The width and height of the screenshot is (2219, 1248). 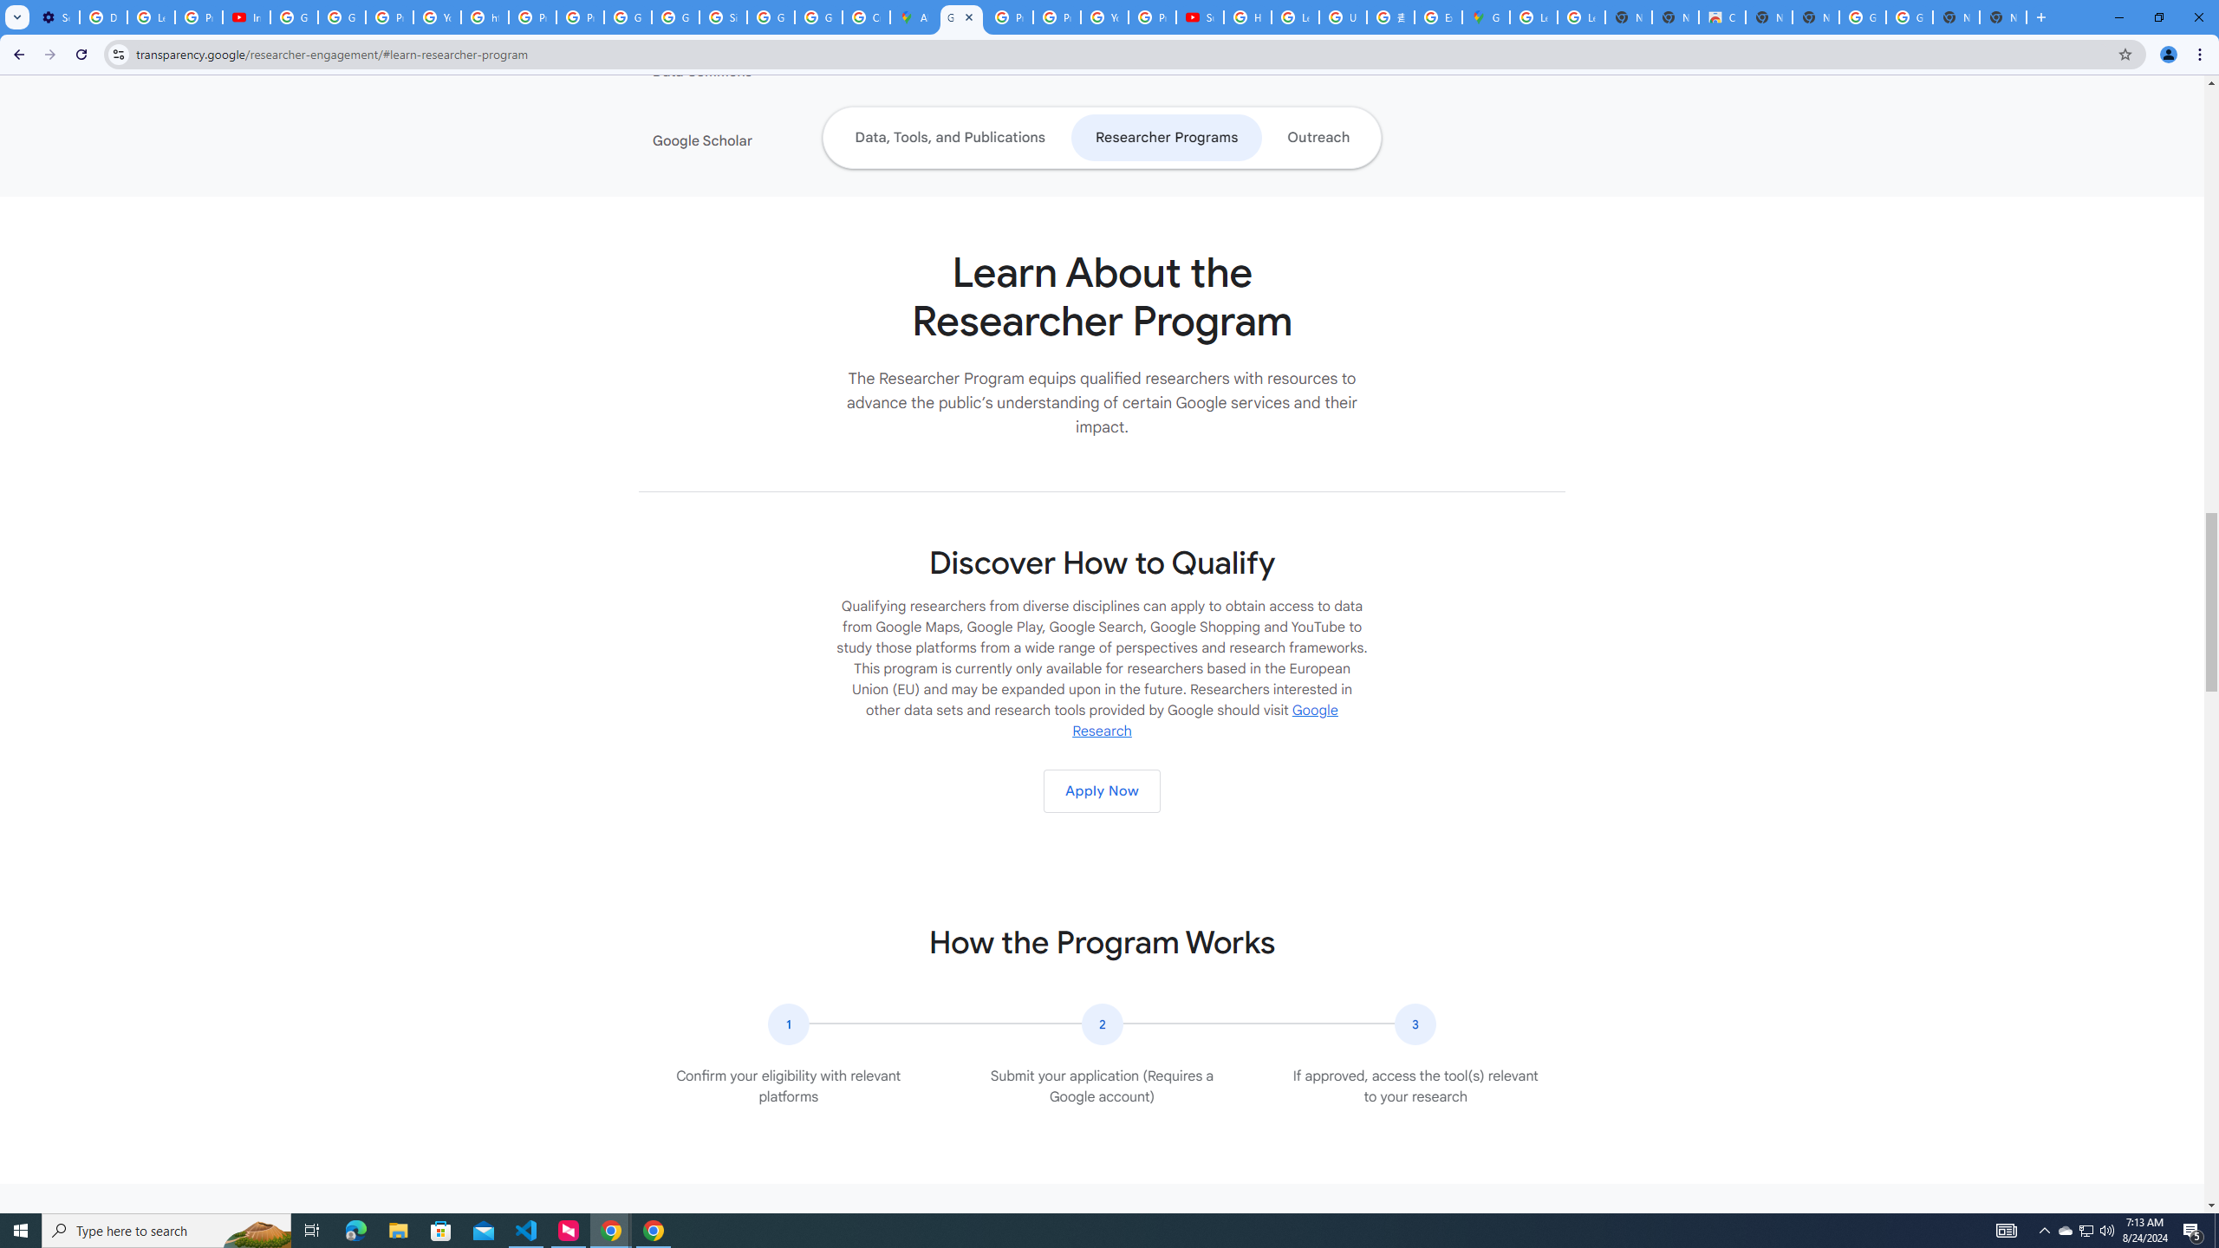 I want to click on 'Outreach', so click(x=1318, y=137).